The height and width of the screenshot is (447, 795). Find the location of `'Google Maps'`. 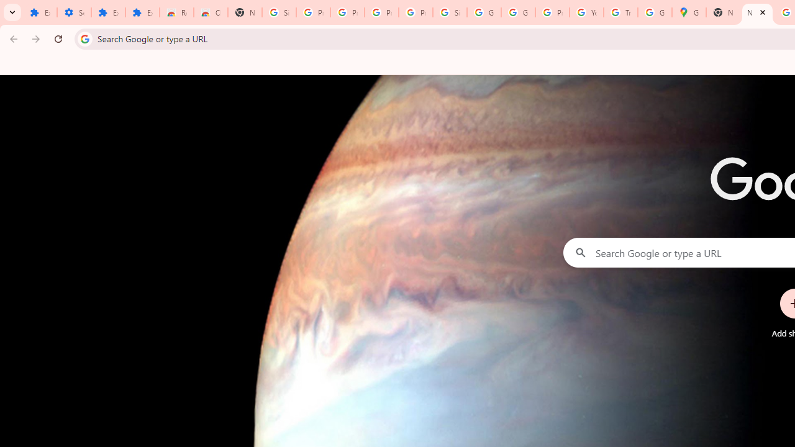

'Google Maps' is located at coordinates (688, 12).